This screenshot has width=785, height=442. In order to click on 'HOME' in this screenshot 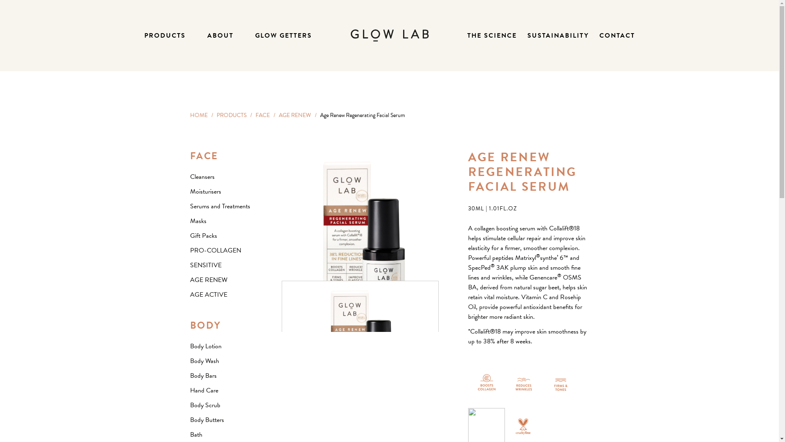, I will do `click(189, 115)`.